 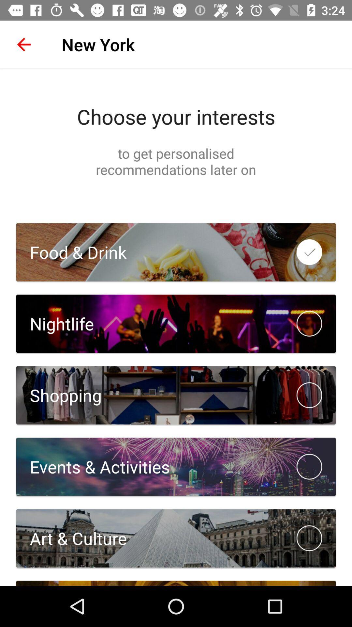 I want to click on the last image in the page, so click(x=176, y=538).